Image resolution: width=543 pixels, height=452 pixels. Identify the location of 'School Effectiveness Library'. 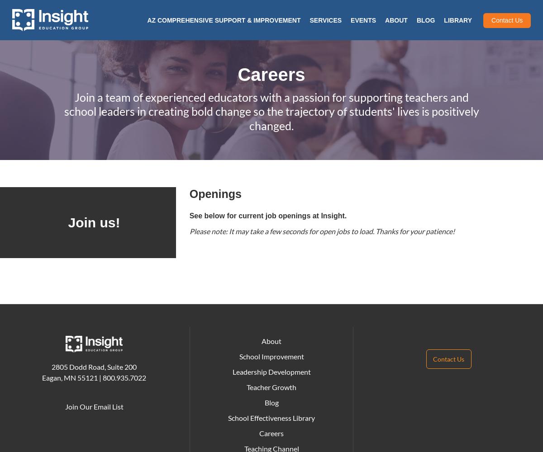
(271, 418).